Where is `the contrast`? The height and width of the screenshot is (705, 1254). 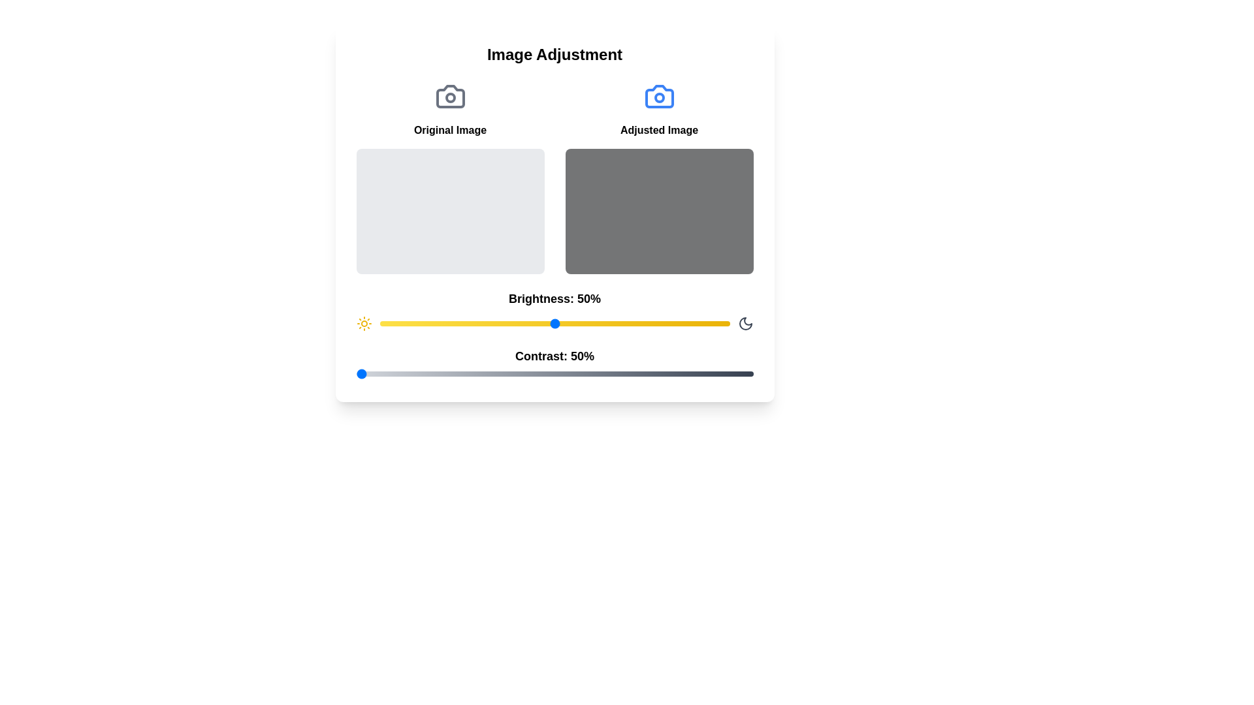 the contrast is located at coordinates (749, 374).